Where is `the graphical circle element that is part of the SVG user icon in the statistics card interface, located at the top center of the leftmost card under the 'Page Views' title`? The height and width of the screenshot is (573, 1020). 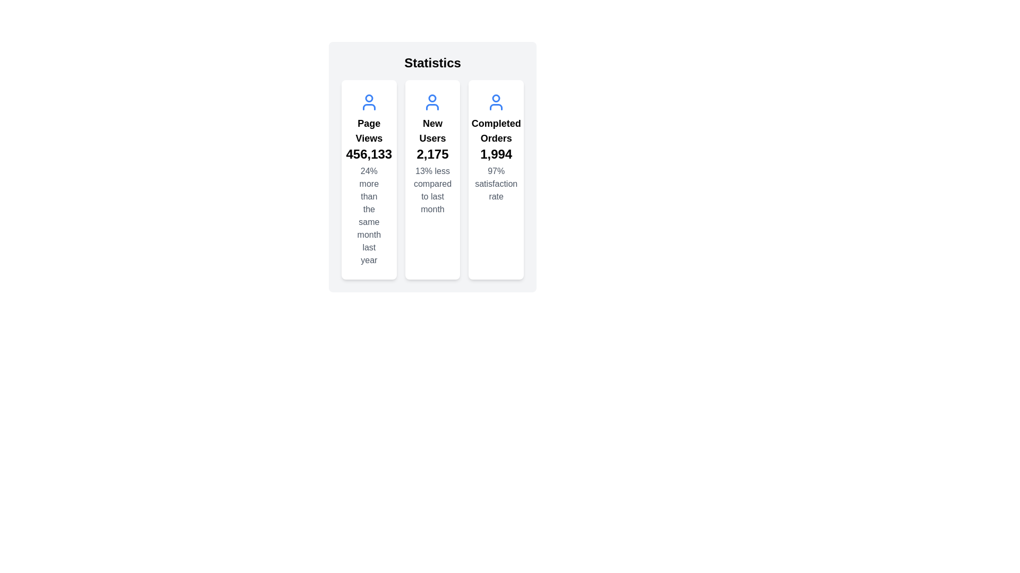
the graphical circle element that is part of the SVG user icon in the statistics card interface, located at the top center of the leftmost card under the 'Page Views' title is located at coordinates (369, 98).